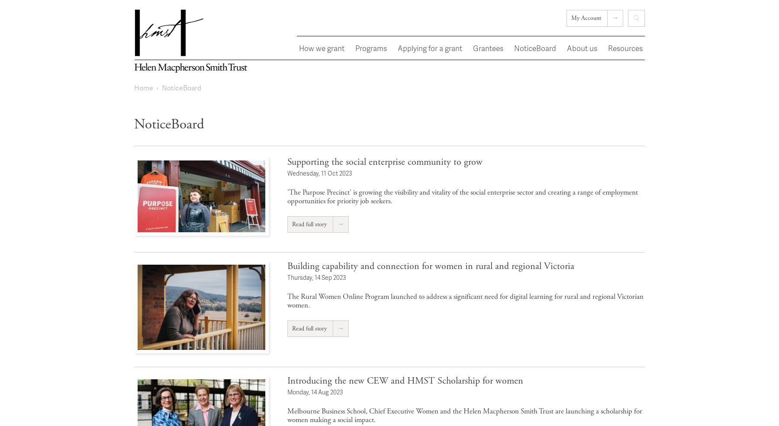  Describe the element at coordinates (314, 391) in the screenshot. I see `'Monday, 14 Aug 2023'` at that location.